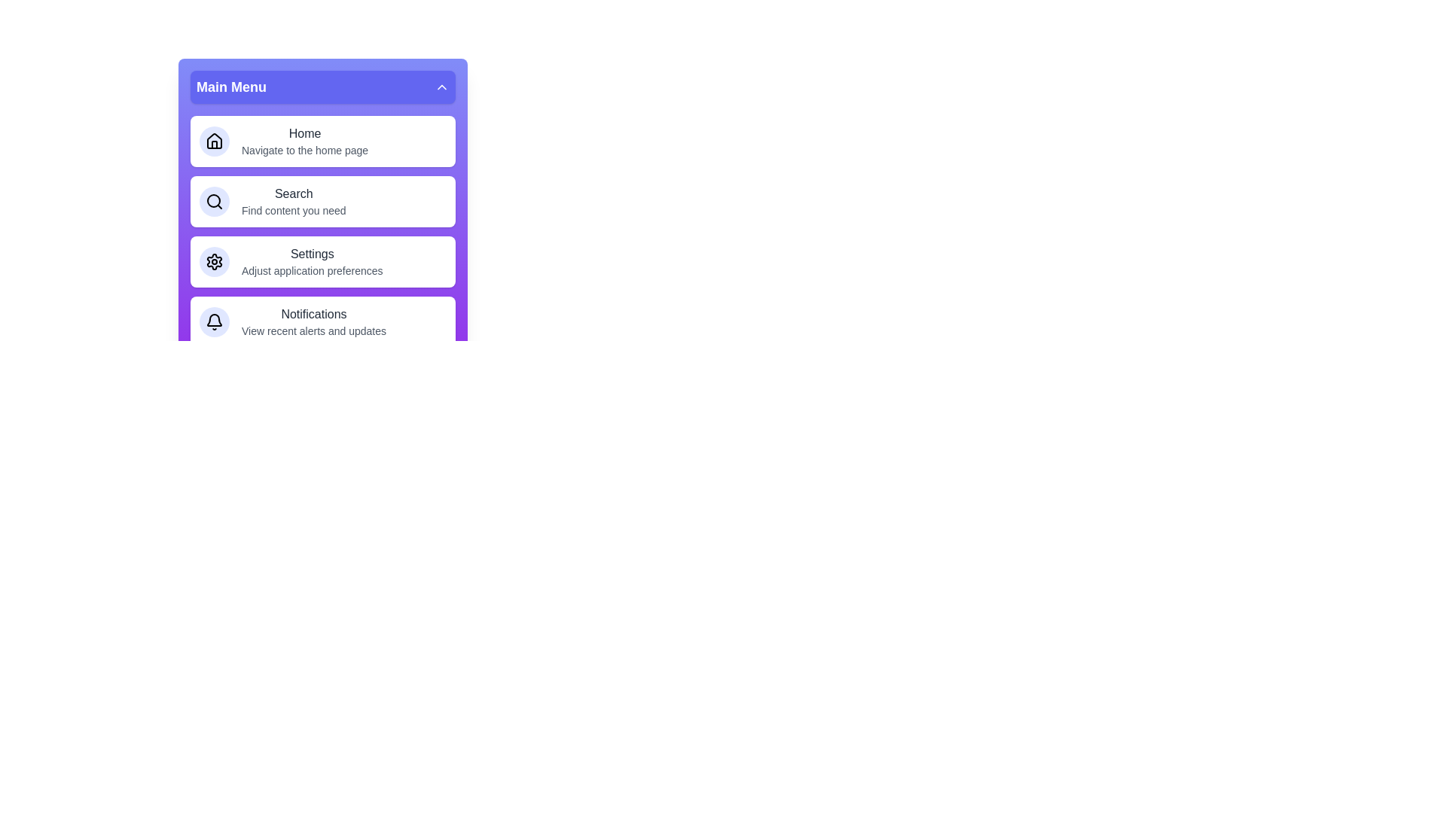  Describe the element at coordinates (213, 200) in the screenshot. I see `the icon associated with the menu item Search` at that location.